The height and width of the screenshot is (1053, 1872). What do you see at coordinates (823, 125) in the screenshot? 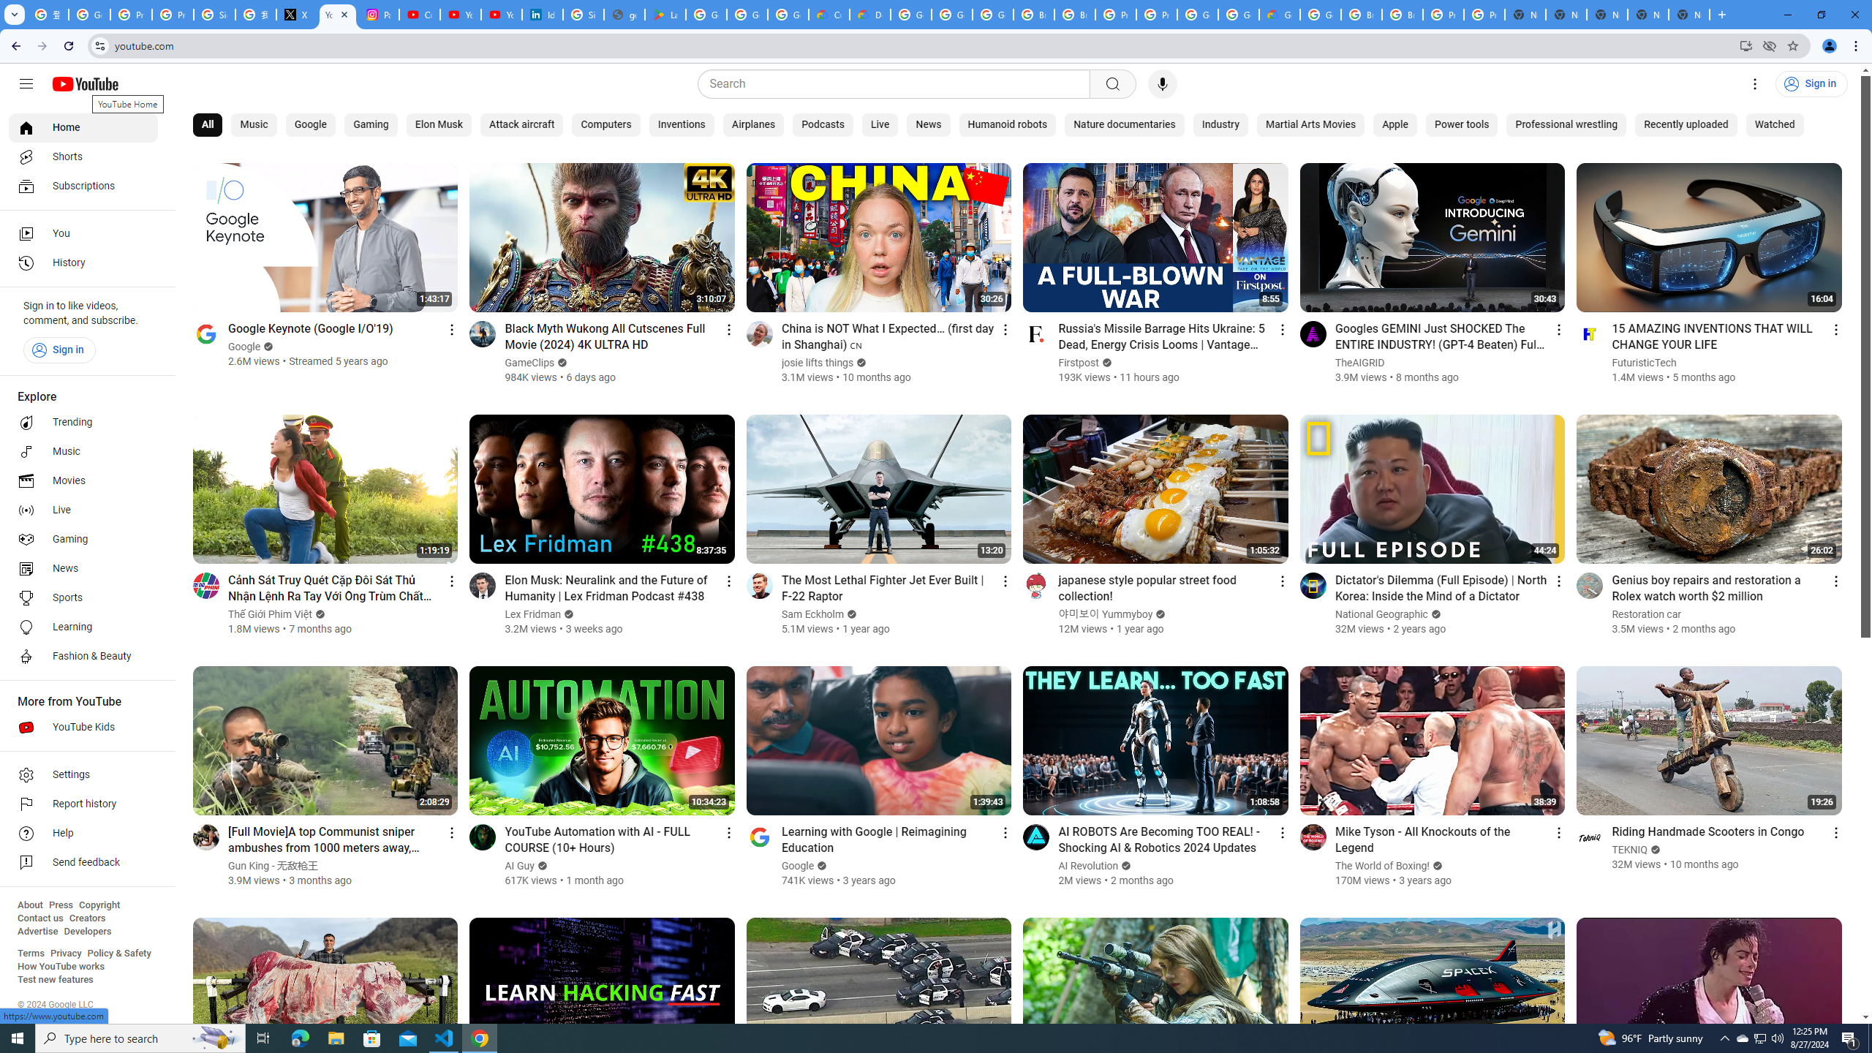
I see `'Podcasts'` at bounding box center [823, 125].